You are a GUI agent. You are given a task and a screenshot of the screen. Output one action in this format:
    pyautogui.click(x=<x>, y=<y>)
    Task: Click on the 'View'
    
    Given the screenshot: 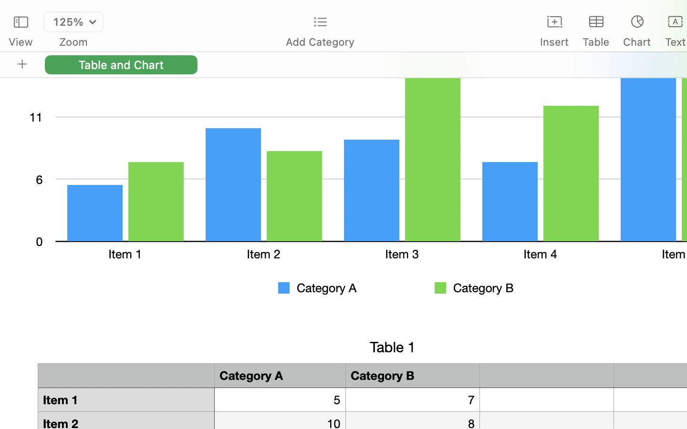 What is the action you would take?
    pyautogui.click(x=20, y=41)
    